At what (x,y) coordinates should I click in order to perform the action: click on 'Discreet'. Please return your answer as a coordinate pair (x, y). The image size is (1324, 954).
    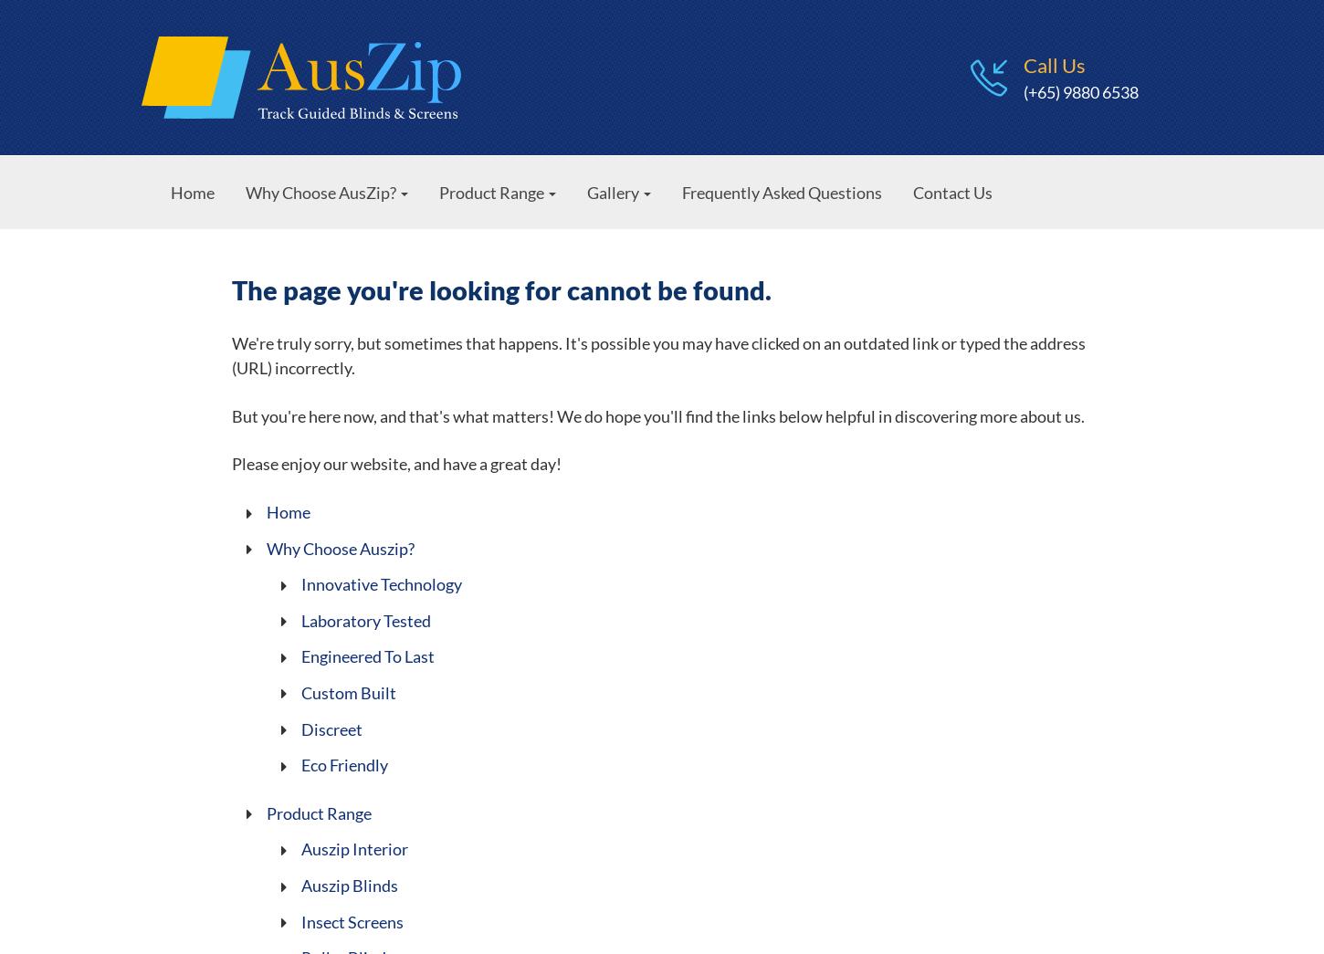
    Looking at the image, I should click on (331, 729).